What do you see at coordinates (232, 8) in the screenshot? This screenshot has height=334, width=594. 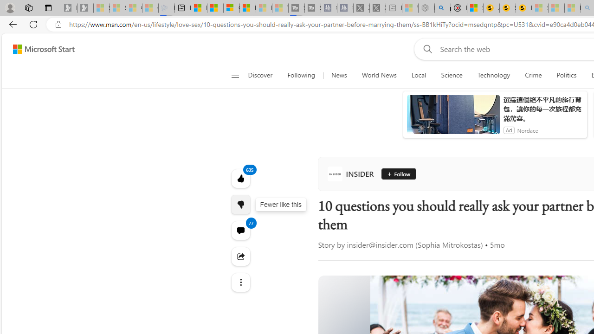 I see `'Overview'` at bounding box center [232, 8].